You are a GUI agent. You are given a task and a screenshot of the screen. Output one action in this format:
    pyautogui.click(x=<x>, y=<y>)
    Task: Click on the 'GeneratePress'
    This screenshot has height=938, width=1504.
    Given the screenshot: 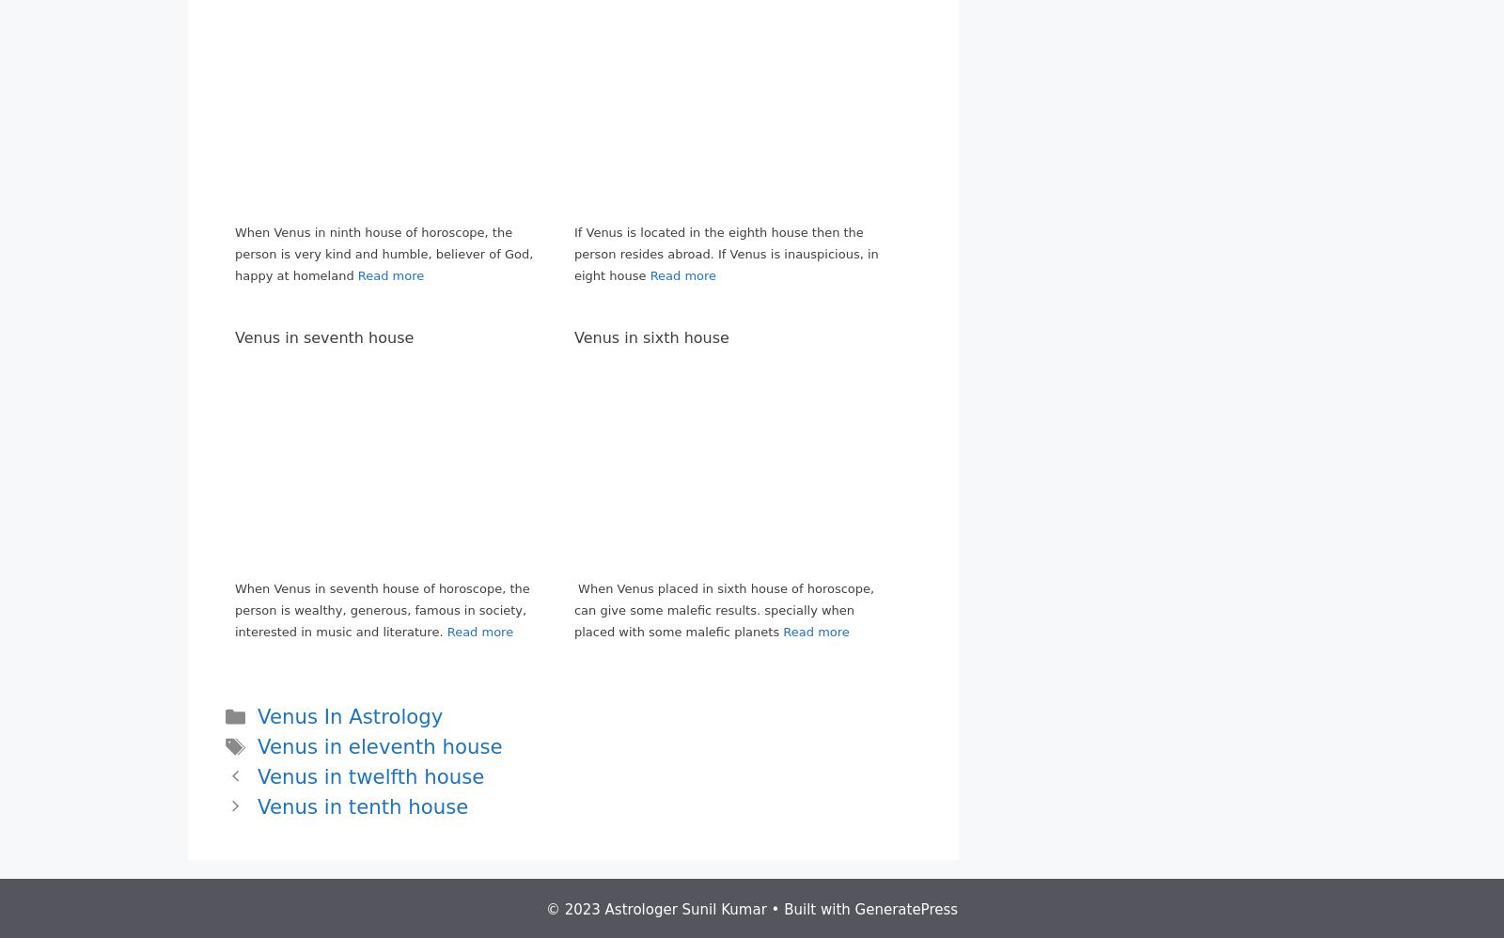 What is the action you would take?
    pyautogui.click(x=905, y=907)
    